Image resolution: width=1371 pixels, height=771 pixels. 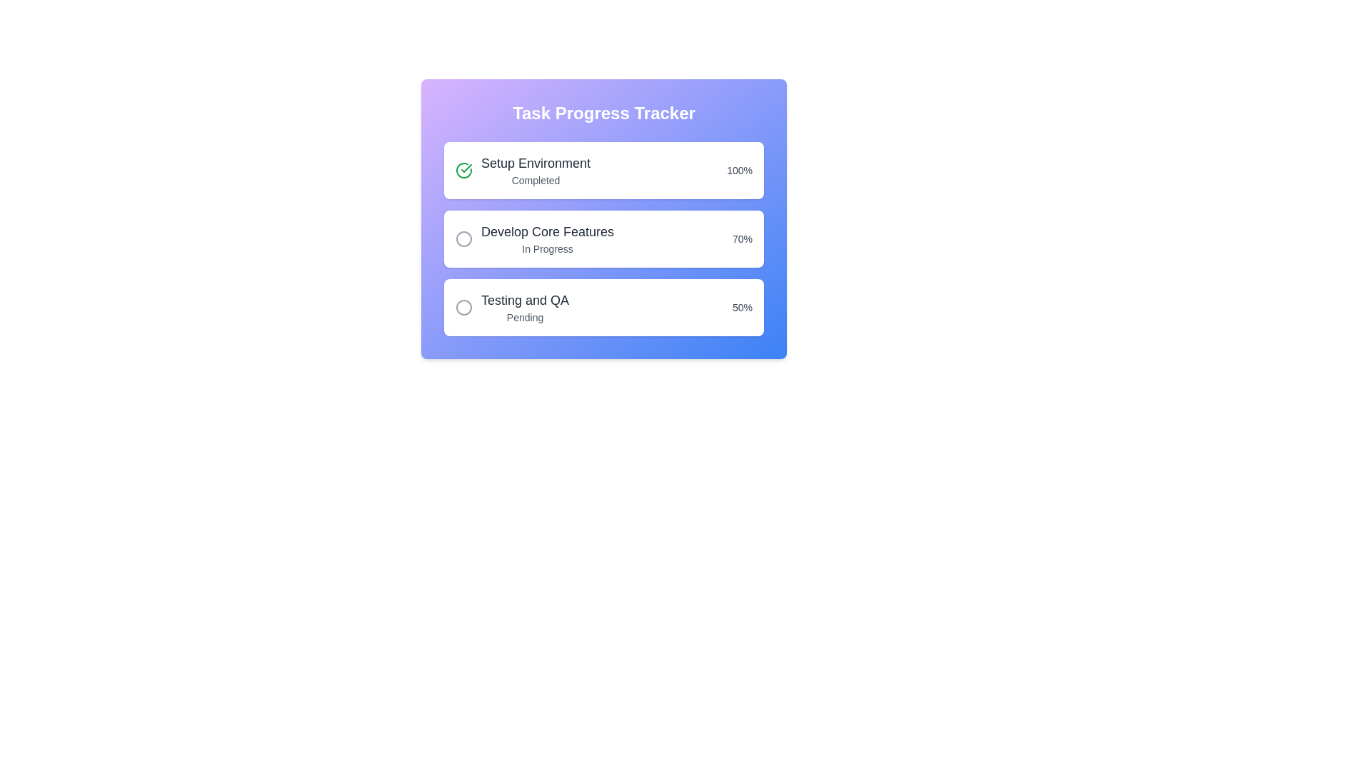 I want to click on the text label displaying 'Testing and QA', which is the main title of the third item in the Task Progress Tracker list, so click(x=524, y=299).